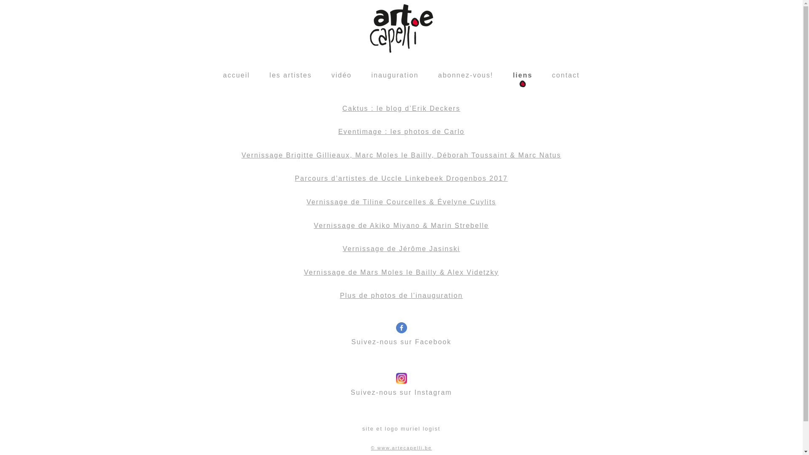  I want to click on 'contact', so click(552, 75).